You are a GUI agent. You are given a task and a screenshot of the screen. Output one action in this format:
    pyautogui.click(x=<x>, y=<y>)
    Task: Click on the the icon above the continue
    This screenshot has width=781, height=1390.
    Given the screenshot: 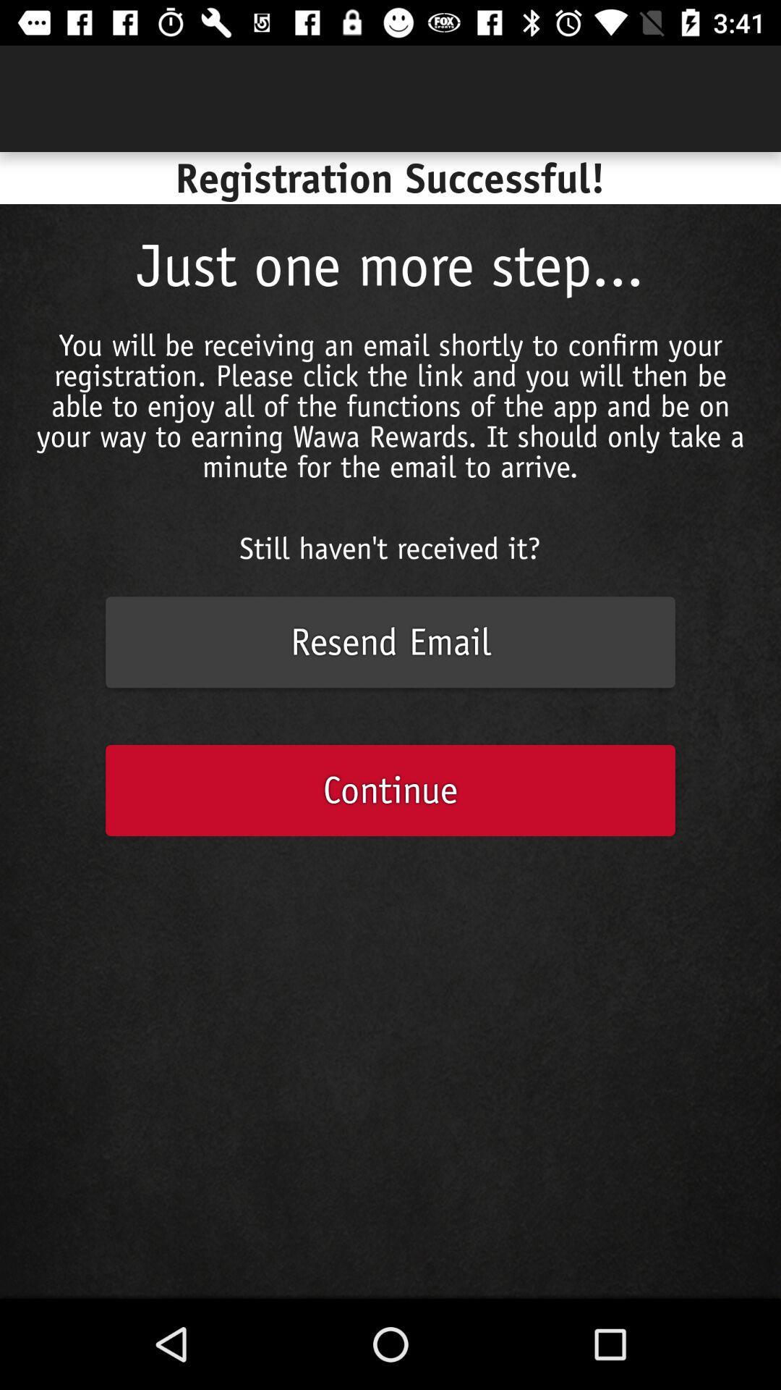 What is the action you would take?
    pyautogui.click(x=390, y=641)
    